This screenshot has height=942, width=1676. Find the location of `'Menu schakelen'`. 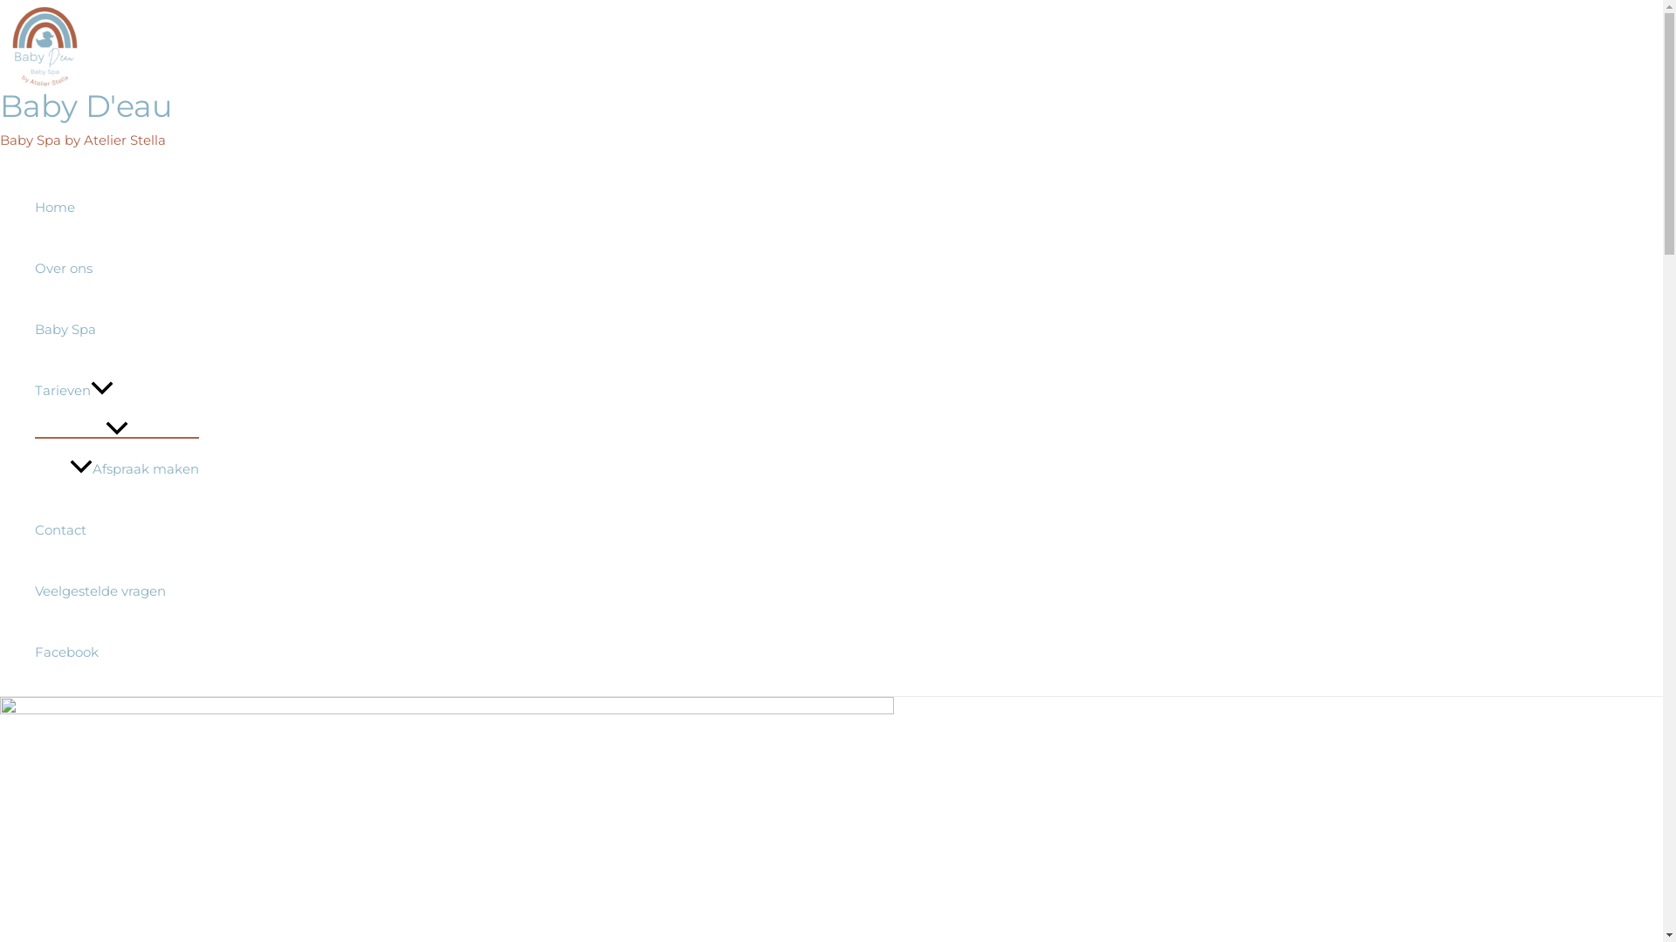

'Menu schakelen' is located at coordinates (116, 429).